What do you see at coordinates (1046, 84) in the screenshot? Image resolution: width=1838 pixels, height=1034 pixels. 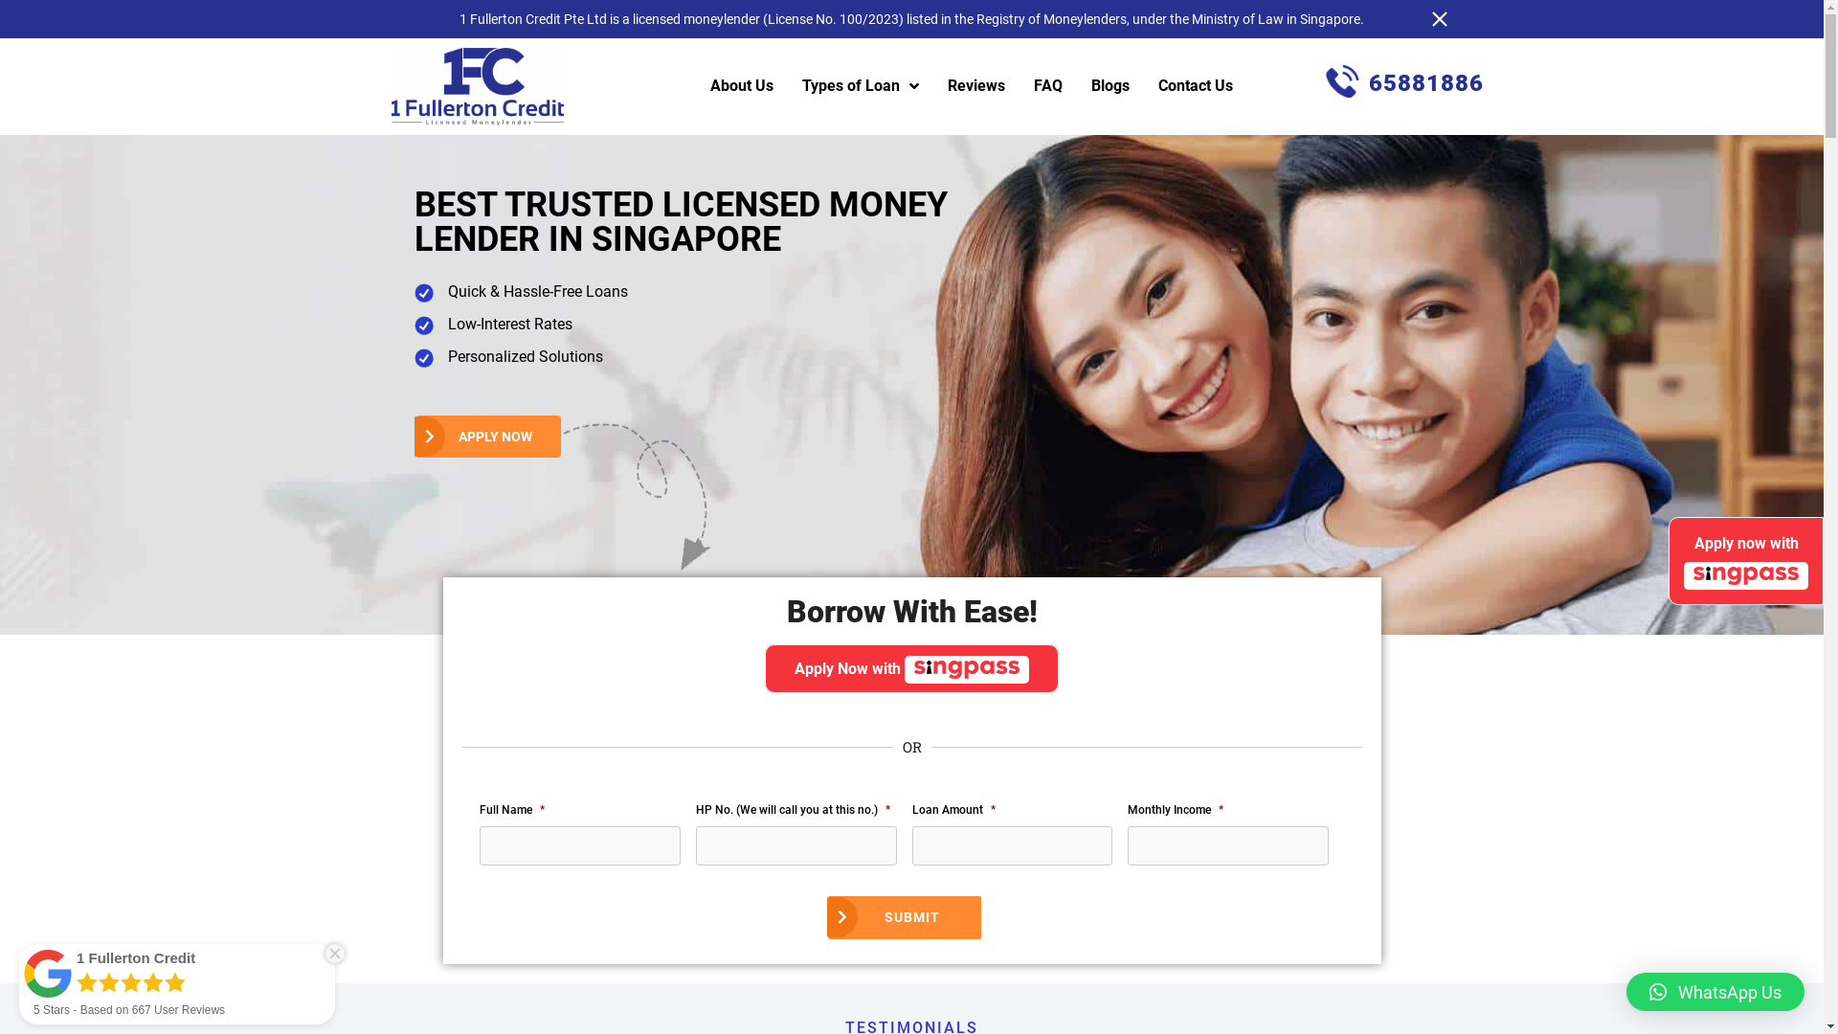 I see `'FAQ'` at bounding box center [1046, 84].